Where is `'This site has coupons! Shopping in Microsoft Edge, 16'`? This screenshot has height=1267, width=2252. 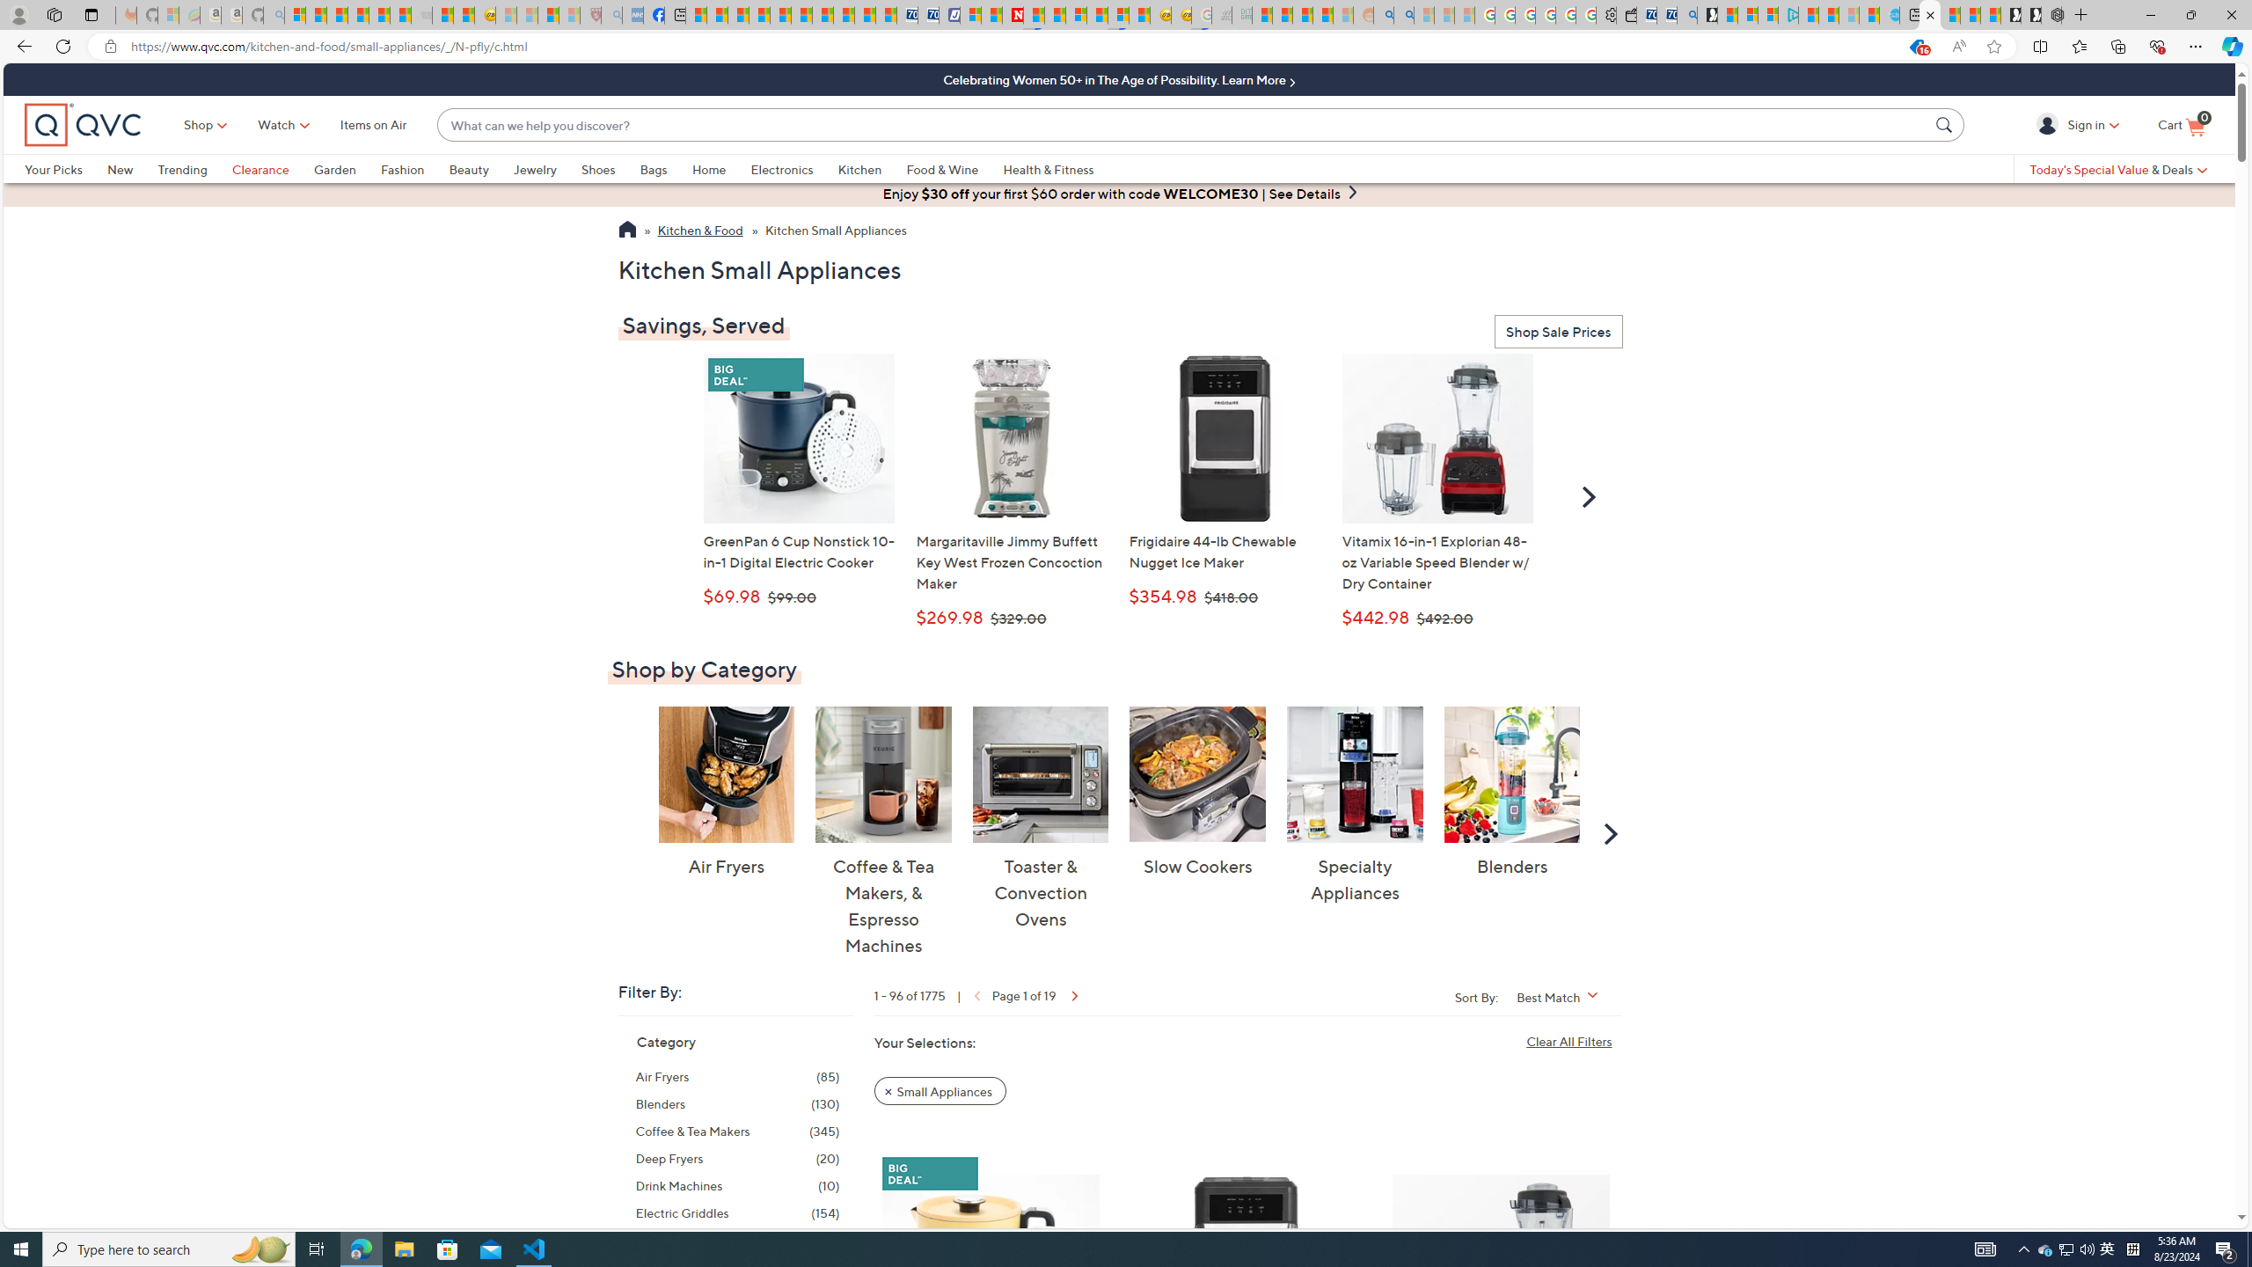 'This site has coupons! Shopping in Microsoft Edge, 16' is located at coordinates (1915, 47).